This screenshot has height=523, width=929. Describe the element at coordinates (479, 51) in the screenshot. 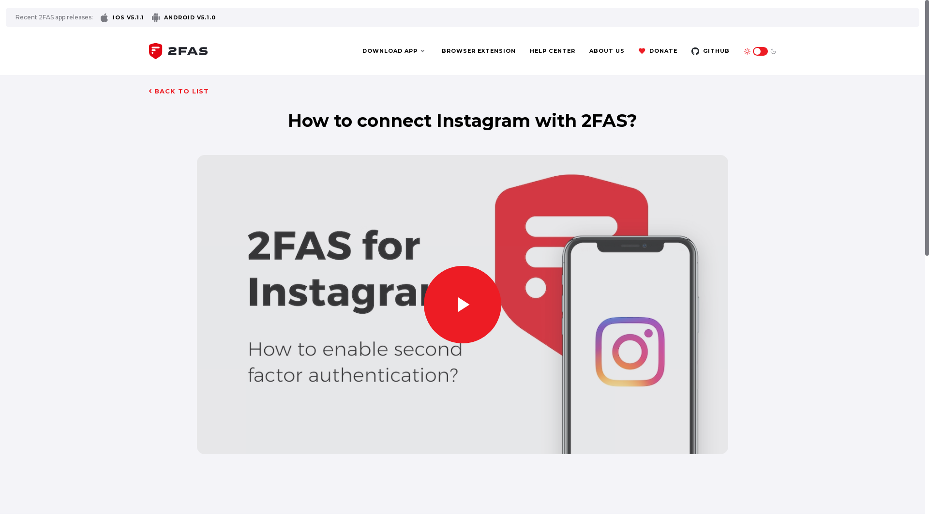

I see `'BROWSER EXTENSION'` at that location.